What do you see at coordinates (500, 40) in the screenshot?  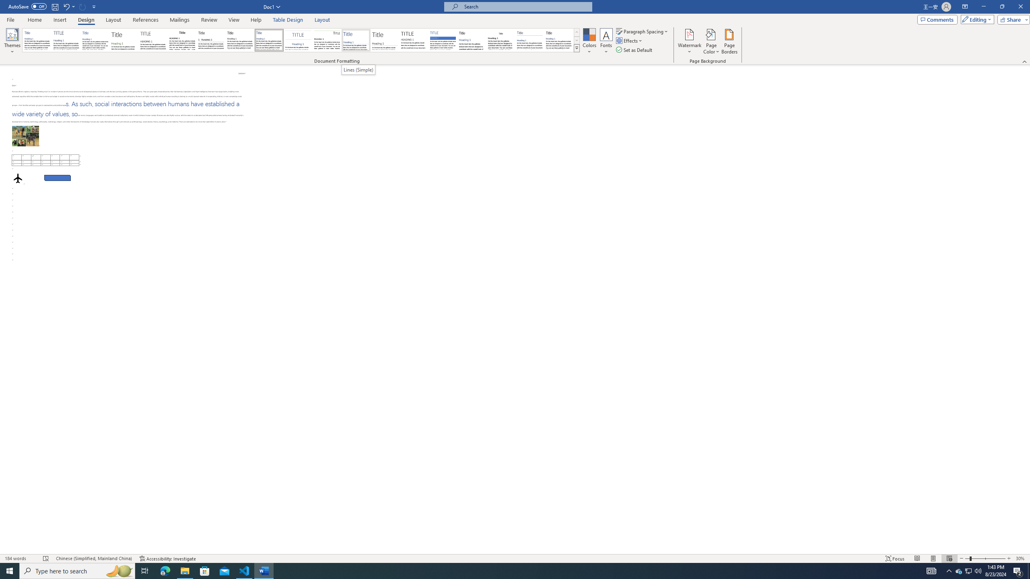 I see `'Word 2003'` at bounding box center [500, 40].